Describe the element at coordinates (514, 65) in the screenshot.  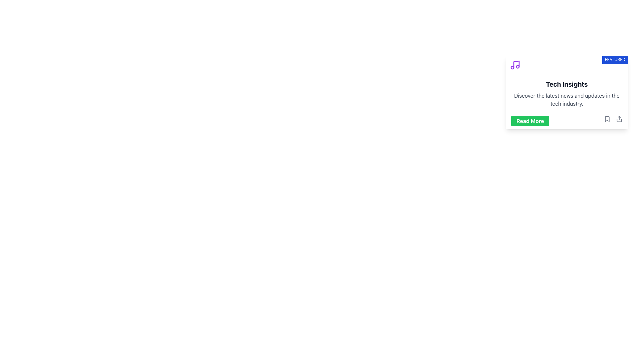
I see `the music graphic icon located in the upper-left corner of the card-like component` at that location.